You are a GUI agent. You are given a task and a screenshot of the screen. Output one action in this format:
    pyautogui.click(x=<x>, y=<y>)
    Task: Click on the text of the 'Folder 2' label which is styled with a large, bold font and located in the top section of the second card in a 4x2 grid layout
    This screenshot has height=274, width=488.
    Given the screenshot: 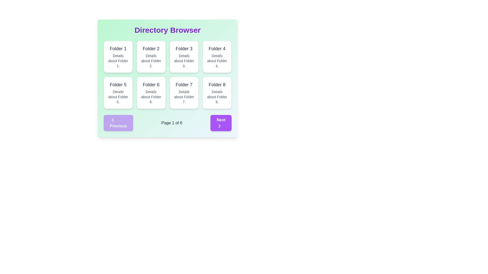 What is the action you would take?
    pyautogui.click(x=151, y=49)
    